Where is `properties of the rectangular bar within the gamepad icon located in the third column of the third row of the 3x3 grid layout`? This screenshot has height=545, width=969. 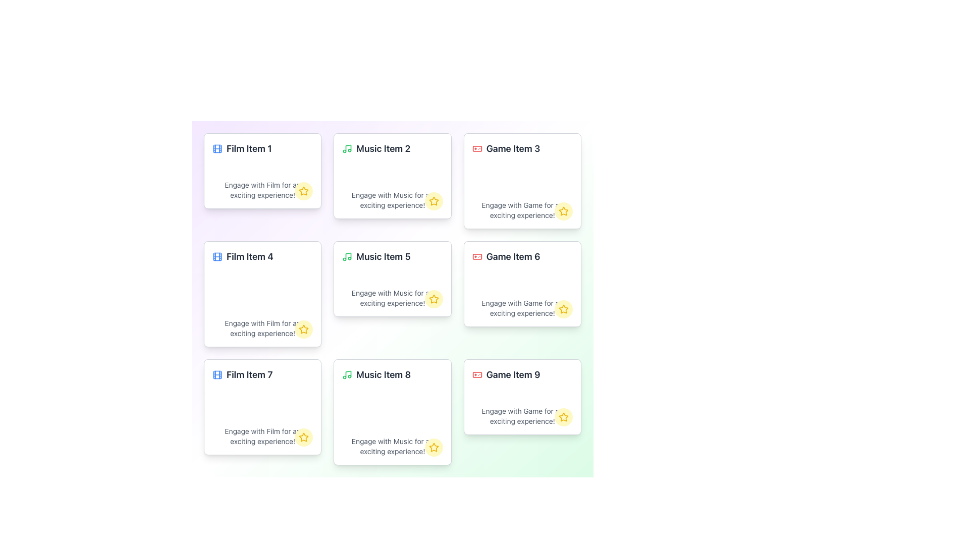 properties of the rectangular bar within the gamepad icon located in the third column of the third row of the 3x3 grid layout is located at coordinates (476, 375).